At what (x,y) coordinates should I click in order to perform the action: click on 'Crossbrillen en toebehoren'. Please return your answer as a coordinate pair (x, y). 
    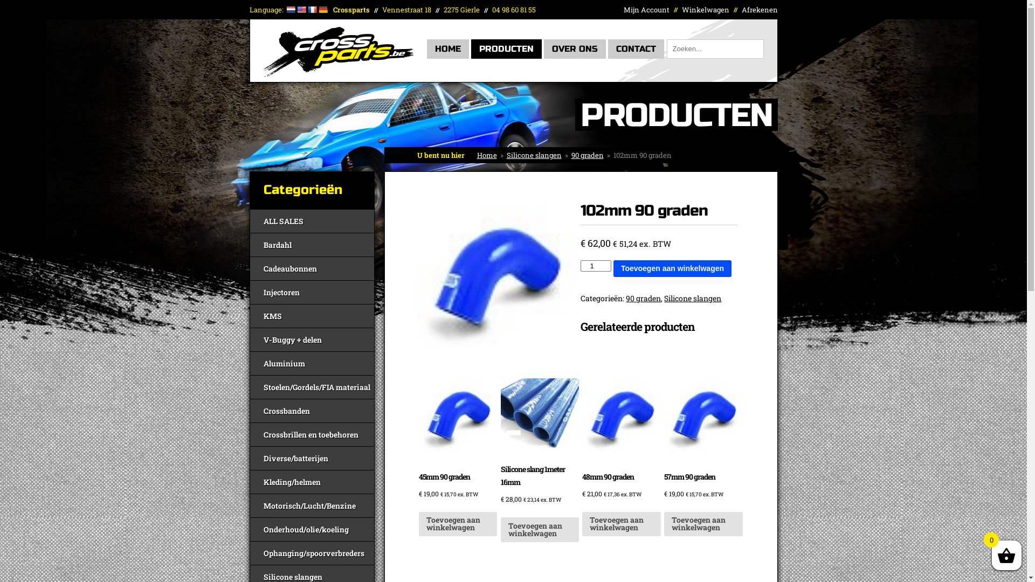
    Looking at the image, I should click on (312, 434).